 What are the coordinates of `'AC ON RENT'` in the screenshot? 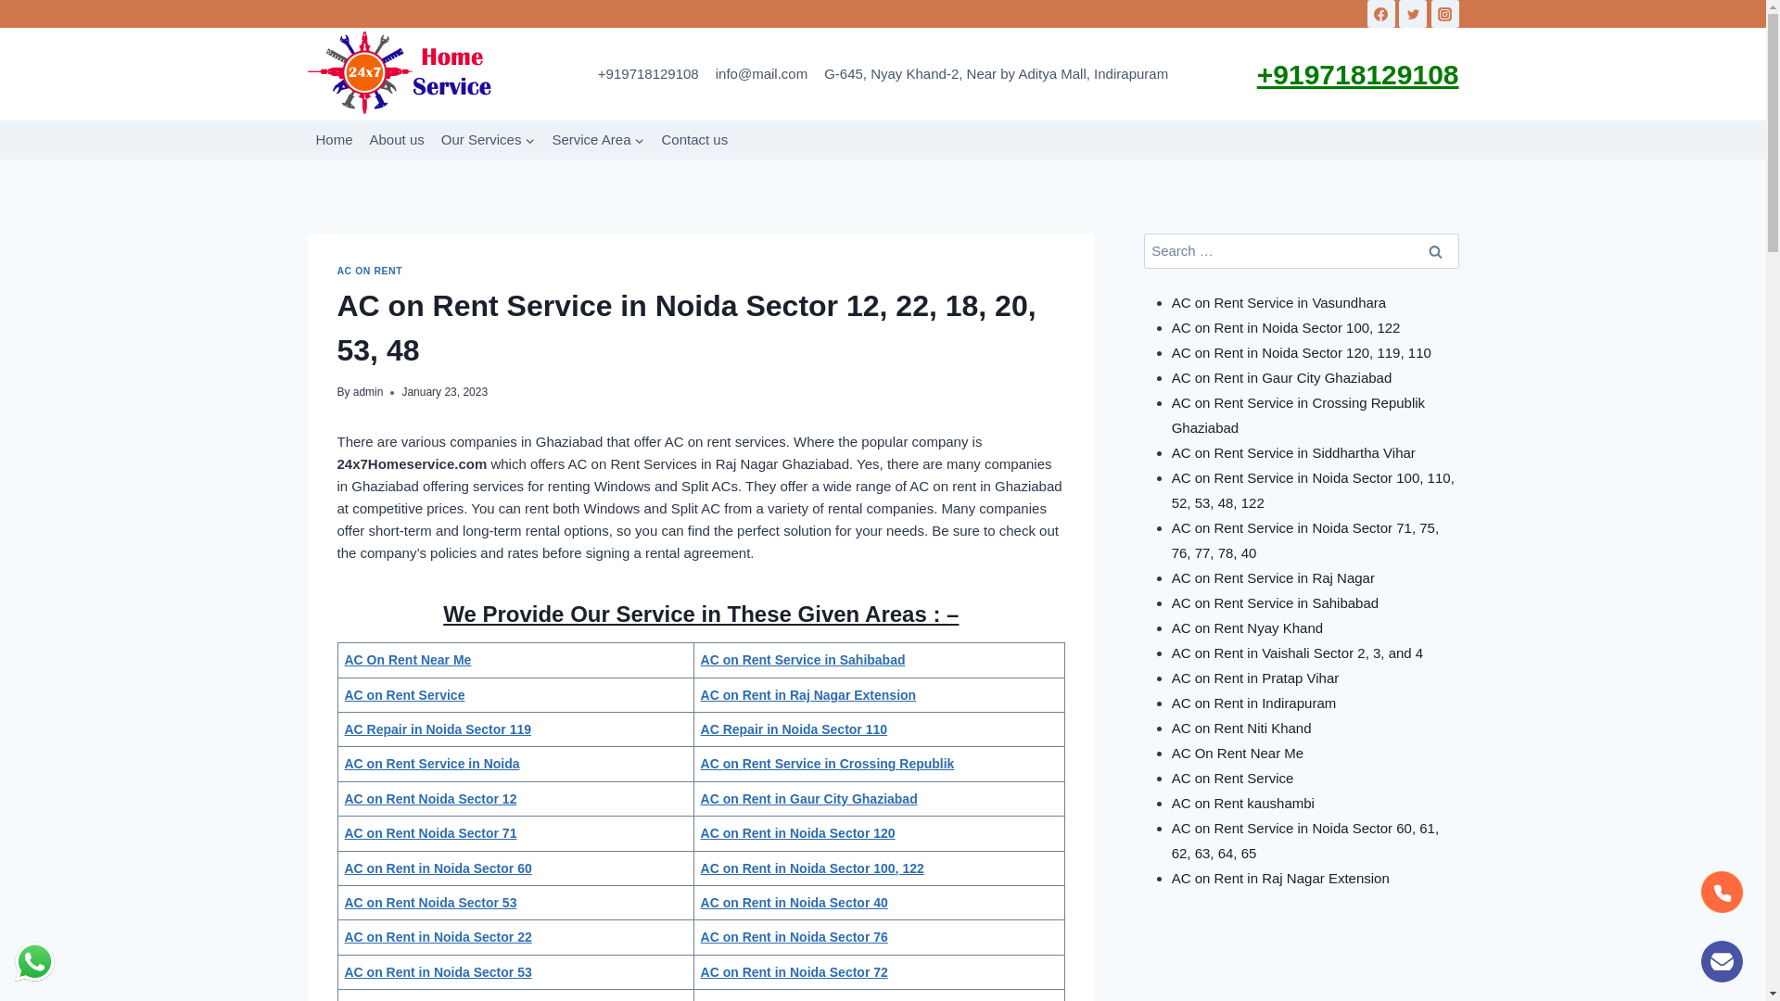 It's located at (370, 271).